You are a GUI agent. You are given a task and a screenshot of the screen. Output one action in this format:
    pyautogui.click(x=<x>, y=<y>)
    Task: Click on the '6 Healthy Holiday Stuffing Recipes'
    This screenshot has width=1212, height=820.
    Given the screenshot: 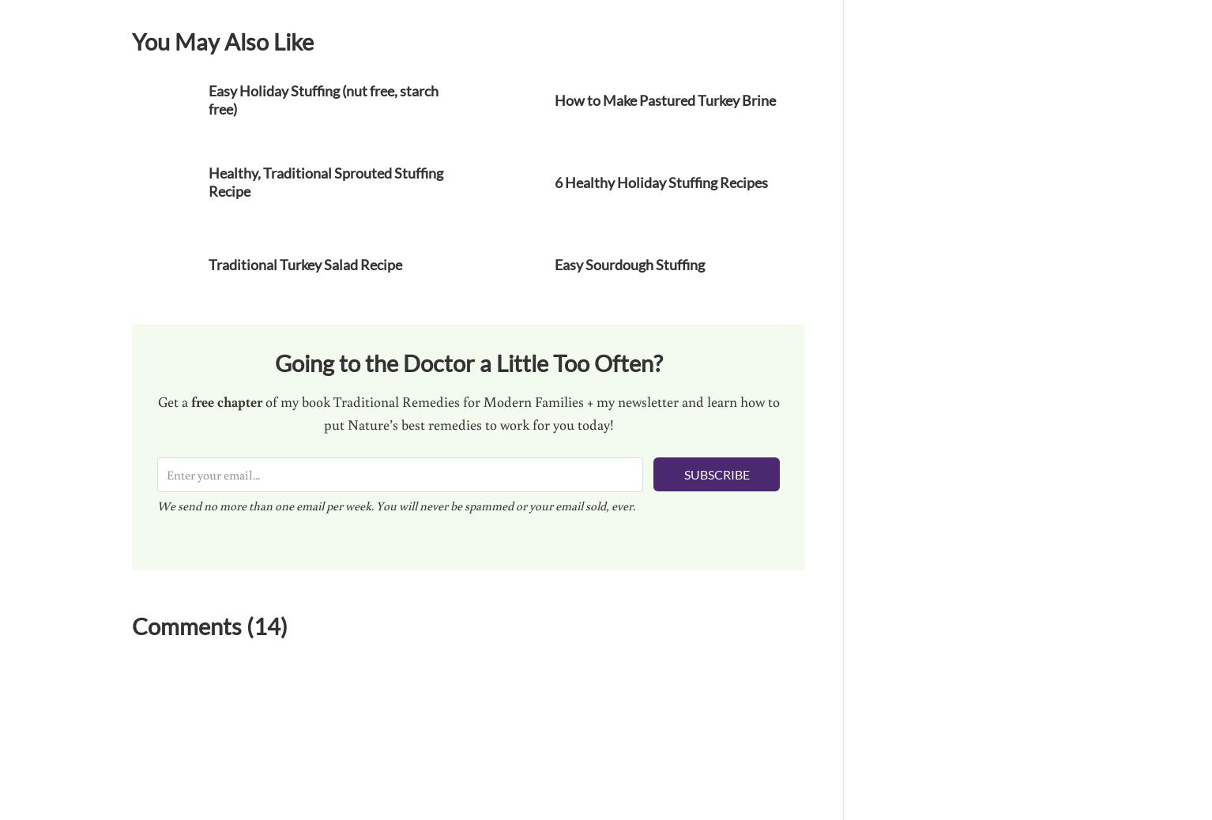 What is the action you would take?
    pyautogui.click(x=661, y=181)
    